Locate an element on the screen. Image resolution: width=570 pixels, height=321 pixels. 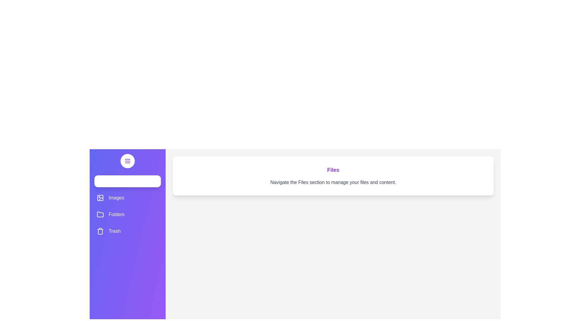
the section Folders to navigate to it is located at coordinates (127, 214).